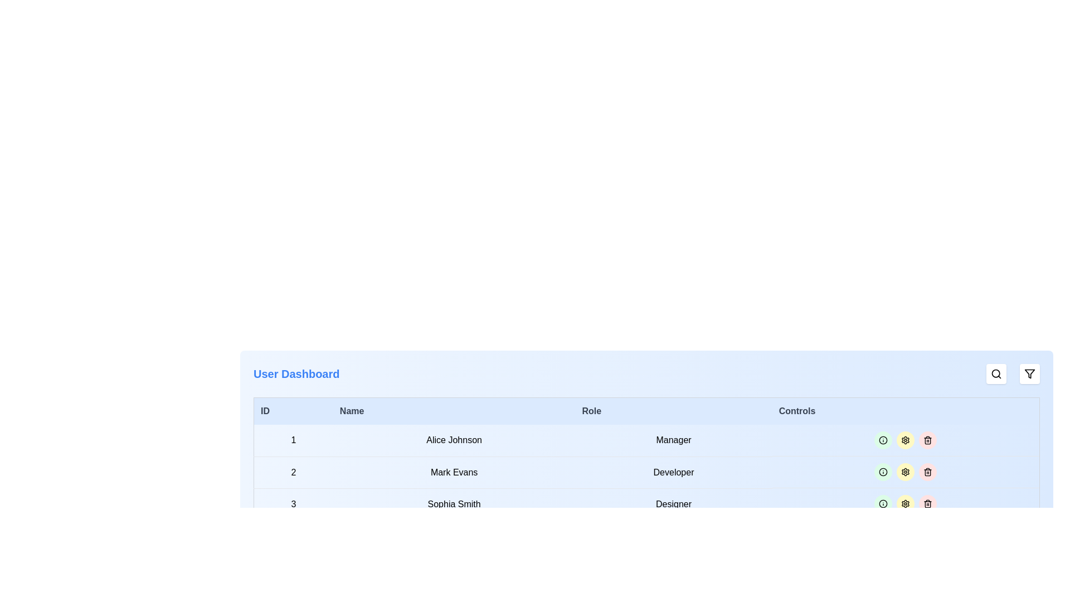  What do you see at coordinates (454, 472) in the screenshot?
I see `the text label displaying 'Mark Evans'` at bounding box center [454, 472].